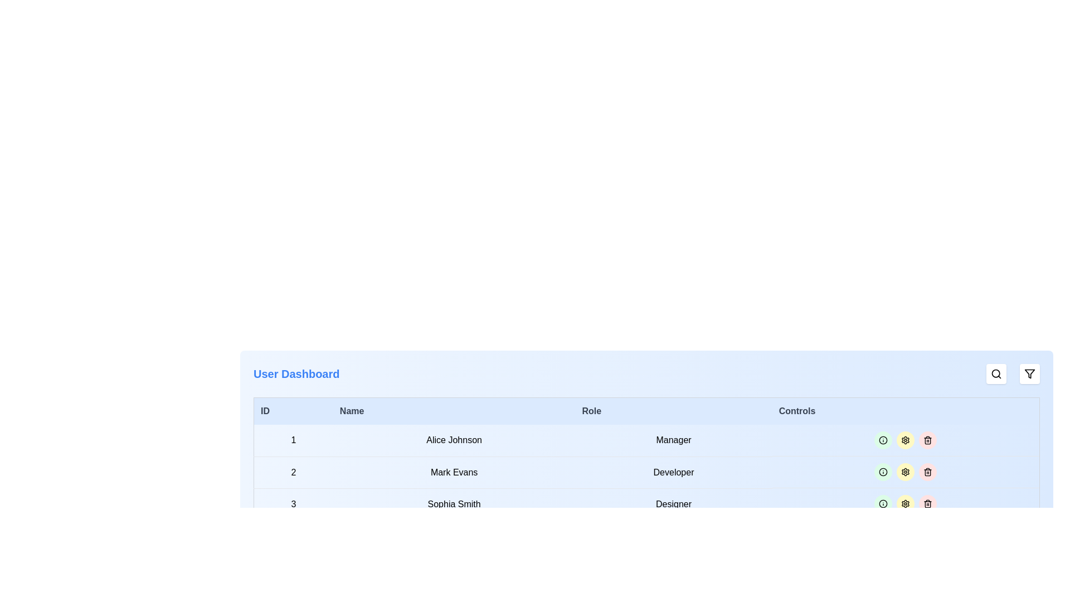  What do you see at coordinates (454, 472) in the screenshot?
I see `the text label displaying 'Mark Evans'` at bounding box center [454, 472].